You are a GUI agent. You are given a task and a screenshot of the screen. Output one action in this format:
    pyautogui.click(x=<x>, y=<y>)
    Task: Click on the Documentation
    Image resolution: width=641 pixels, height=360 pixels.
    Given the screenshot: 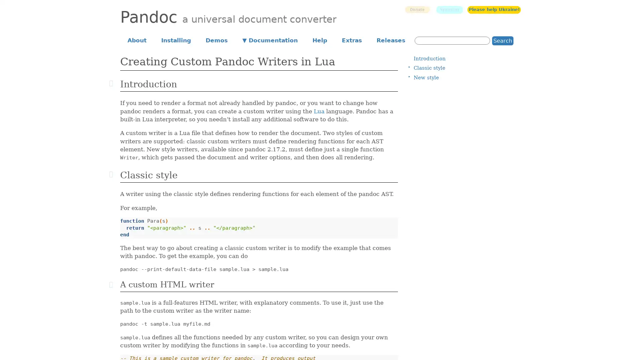 What is the action you would take?
    pyautogui.click(x=270, y=40)
    